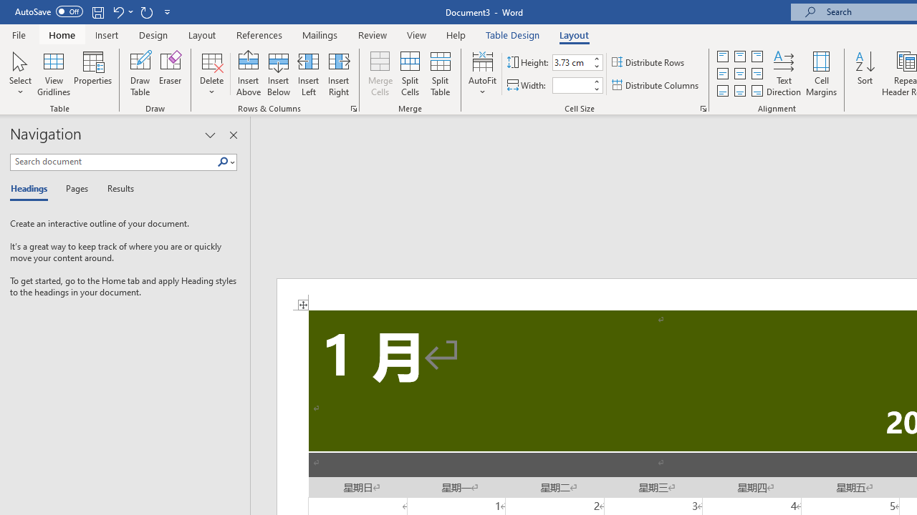 Image resolution: width=917 pixels, height=515 pixels. I want to click on 'Insert Right', so click(337, 74).